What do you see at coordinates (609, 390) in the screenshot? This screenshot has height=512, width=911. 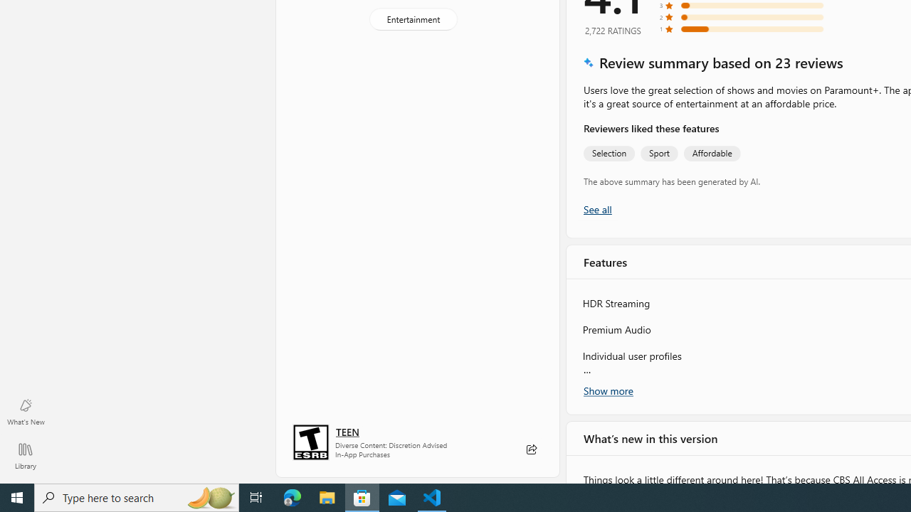 I see `'Show more'` at bounding box center [609, 390].